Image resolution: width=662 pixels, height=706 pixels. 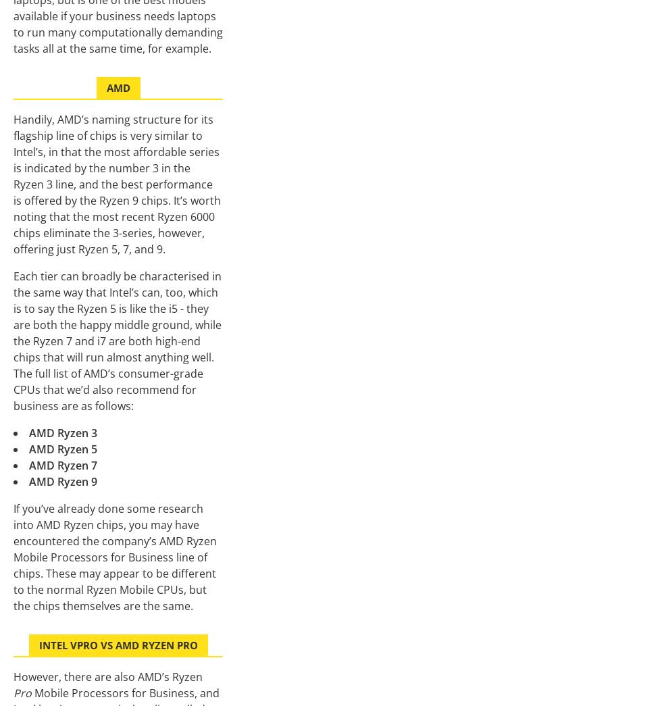 What do you see at coordinates (63, 465) in the screenshot?
I see `'AMD Ryzen 7'` at bounding box center [63, 465].